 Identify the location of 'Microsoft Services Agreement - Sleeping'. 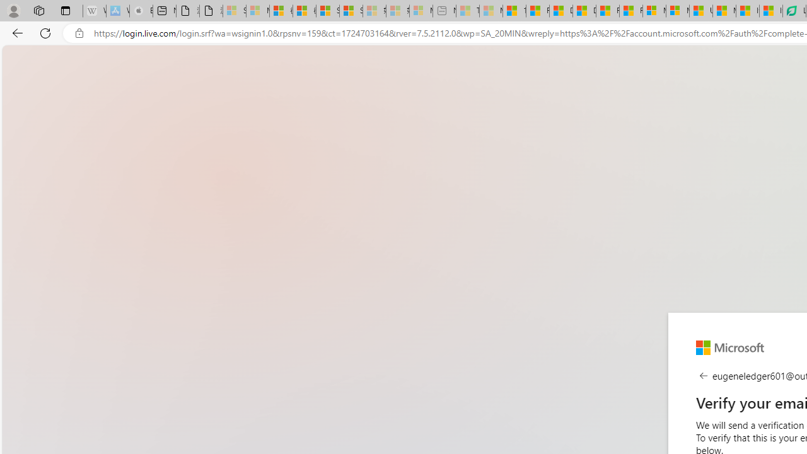
(257, 11).